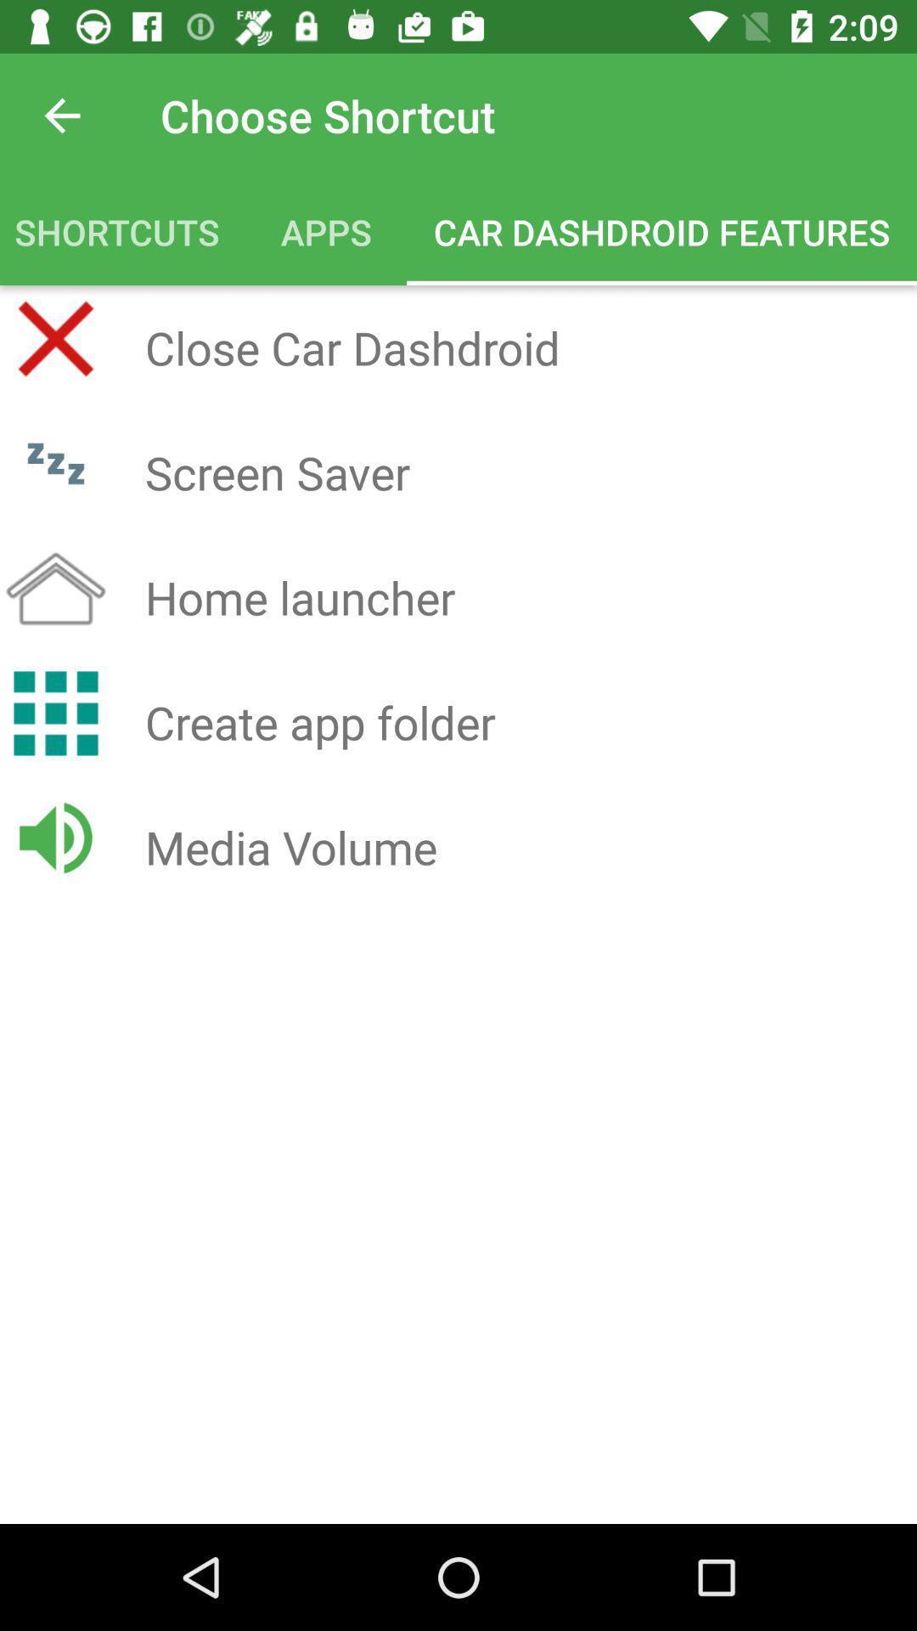 The height and width of the screenshot is (1631, 917). I want to click on the icon next to choose shortcut icon, so click(61, 115).